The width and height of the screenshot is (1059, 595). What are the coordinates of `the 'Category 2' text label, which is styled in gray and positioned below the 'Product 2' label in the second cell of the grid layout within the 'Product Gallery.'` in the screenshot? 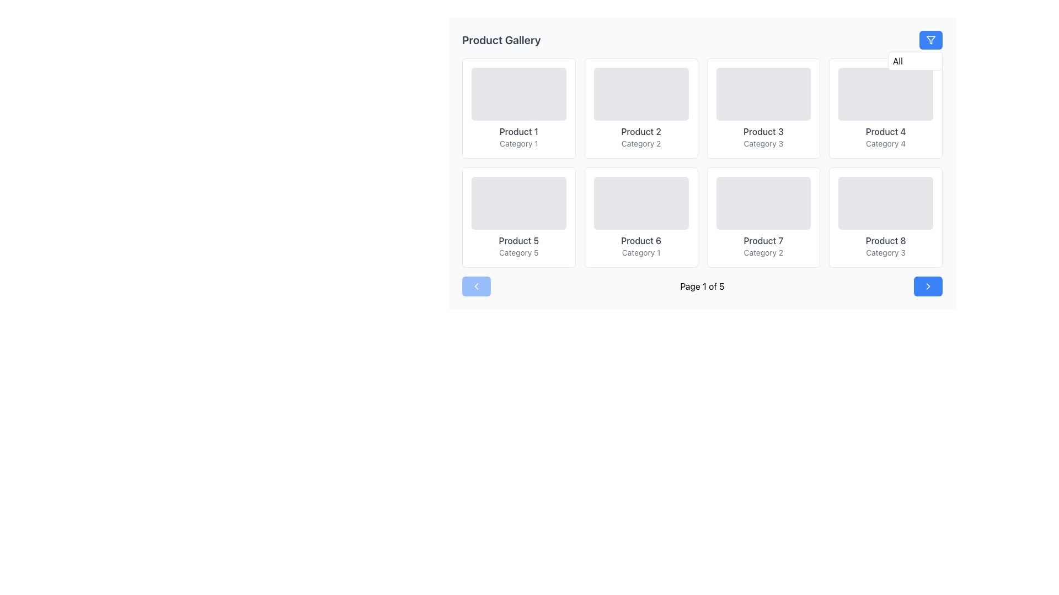 It's located at (641, 143).